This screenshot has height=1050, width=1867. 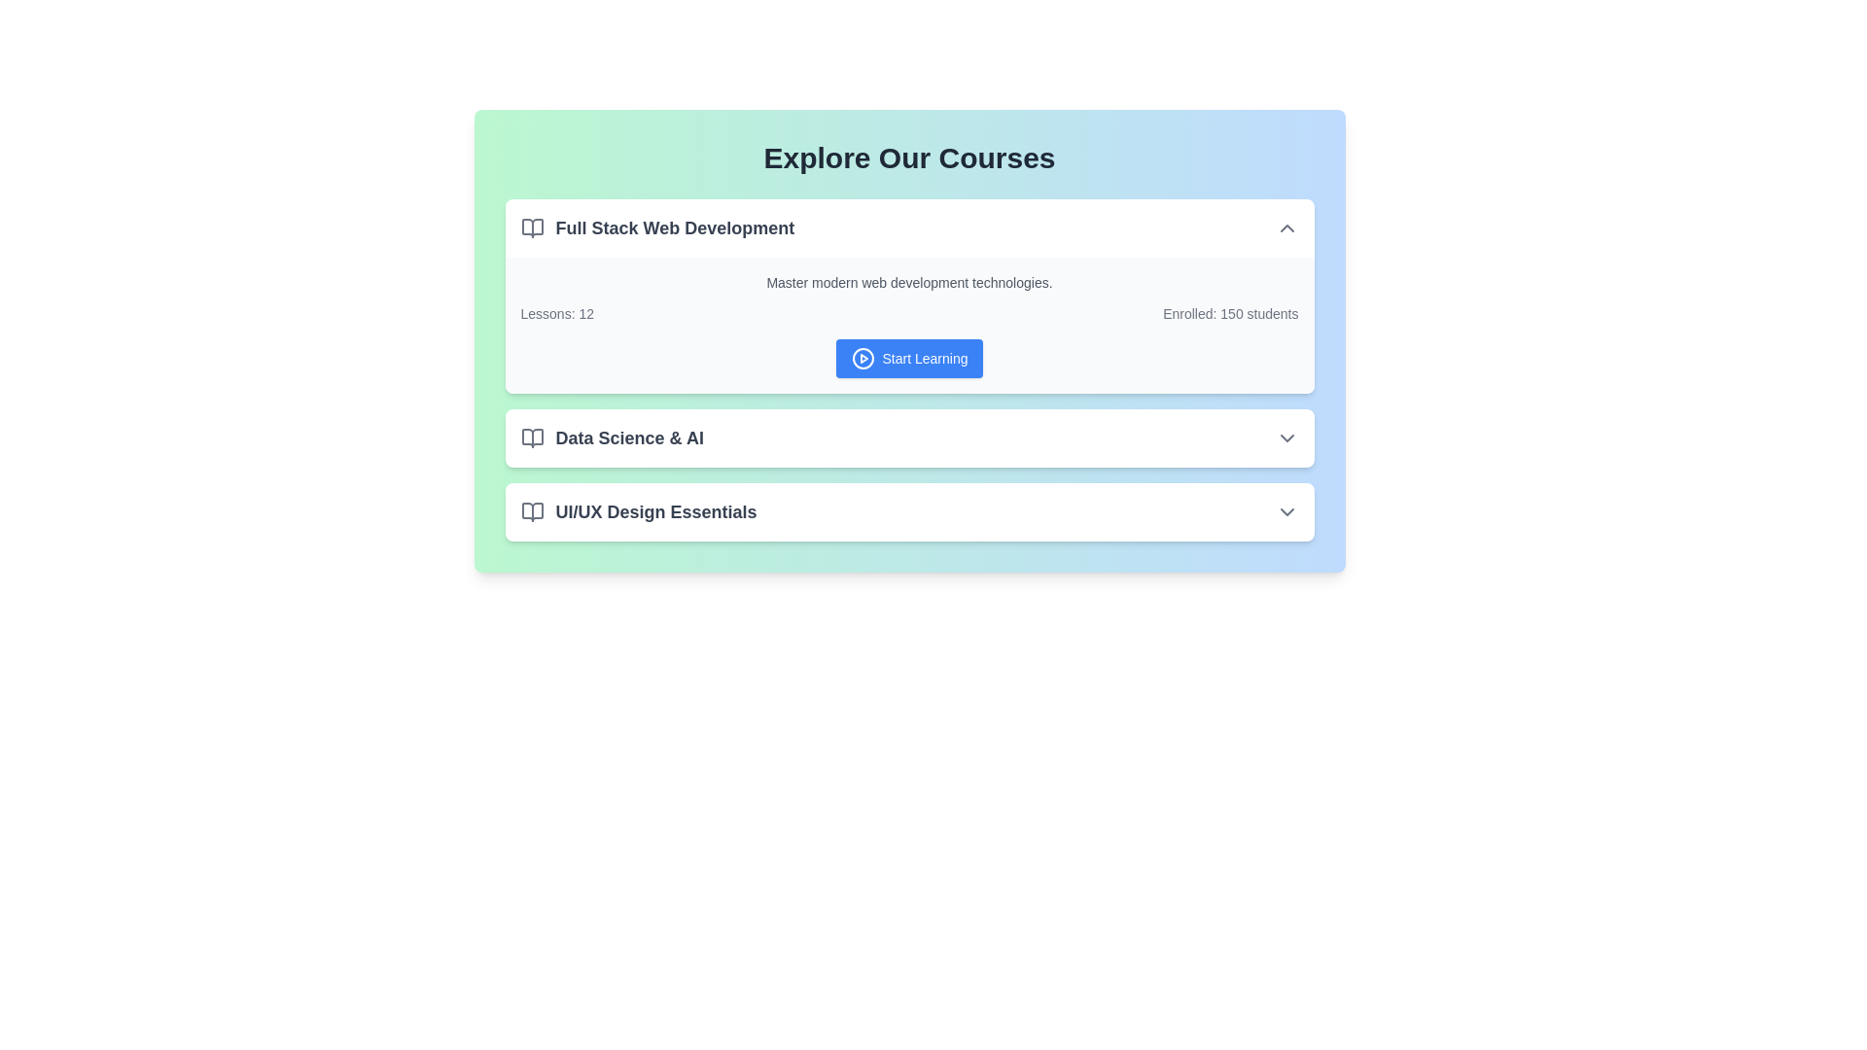 I want to click on the icon representing the 'Full Stack Web Development' section, located to the left of the section title, so click(x=532, y=227).